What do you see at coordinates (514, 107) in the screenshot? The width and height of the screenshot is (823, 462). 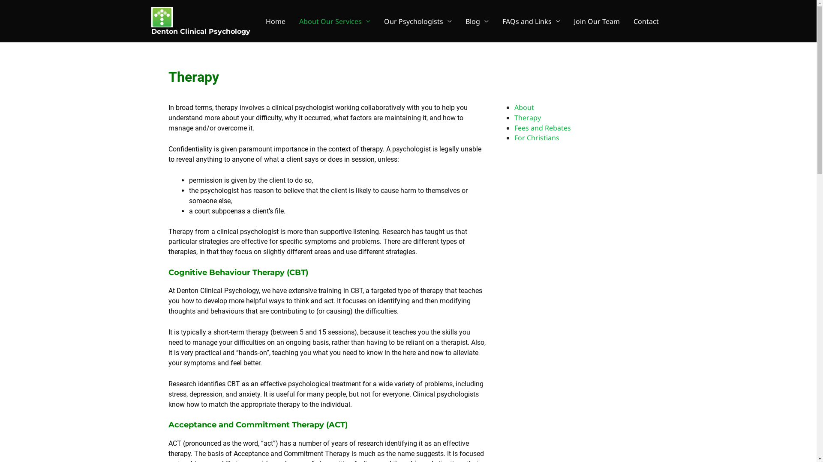 I see `'About'` at bounding box center [514, 107].